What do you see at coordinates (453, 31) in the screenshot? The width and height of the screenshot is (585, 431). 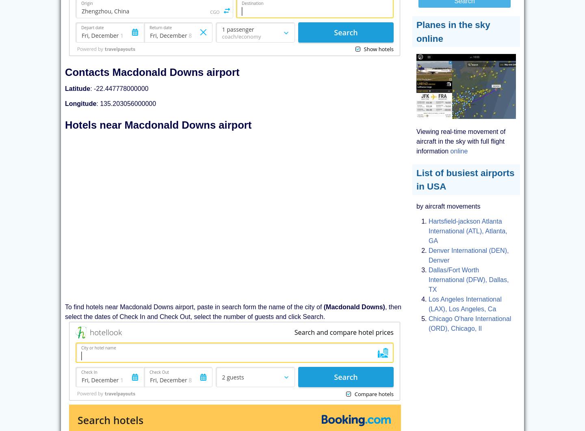 I see `'Planes in the sky online'` at bounding box center [453, 31].